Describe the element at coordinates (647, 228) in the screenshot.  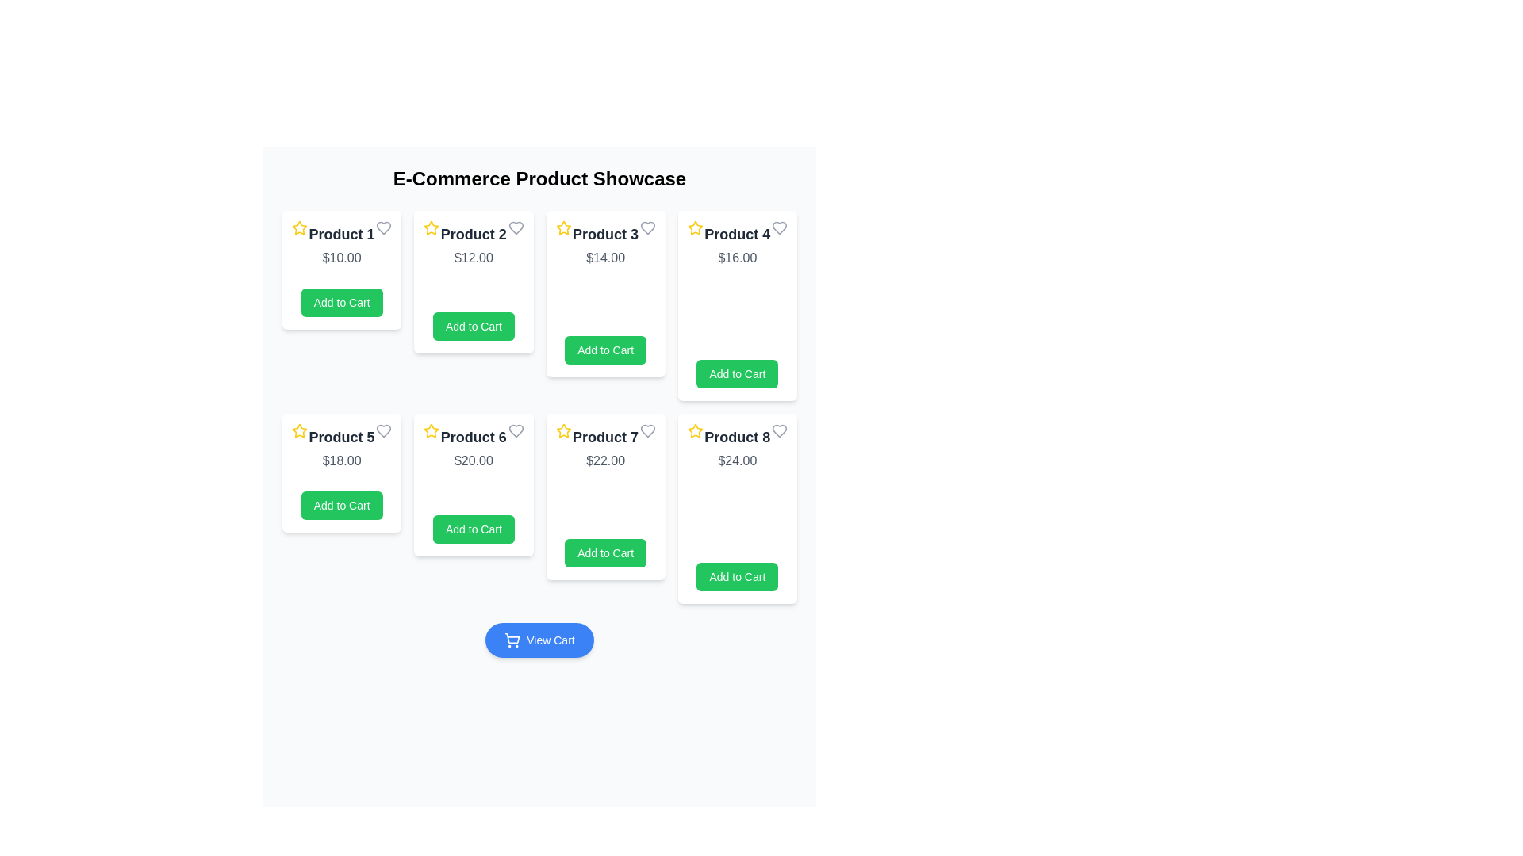
I see `the heart-shaped favorite button located in the top-right corner of the product card for 'Product 3'` at that location.